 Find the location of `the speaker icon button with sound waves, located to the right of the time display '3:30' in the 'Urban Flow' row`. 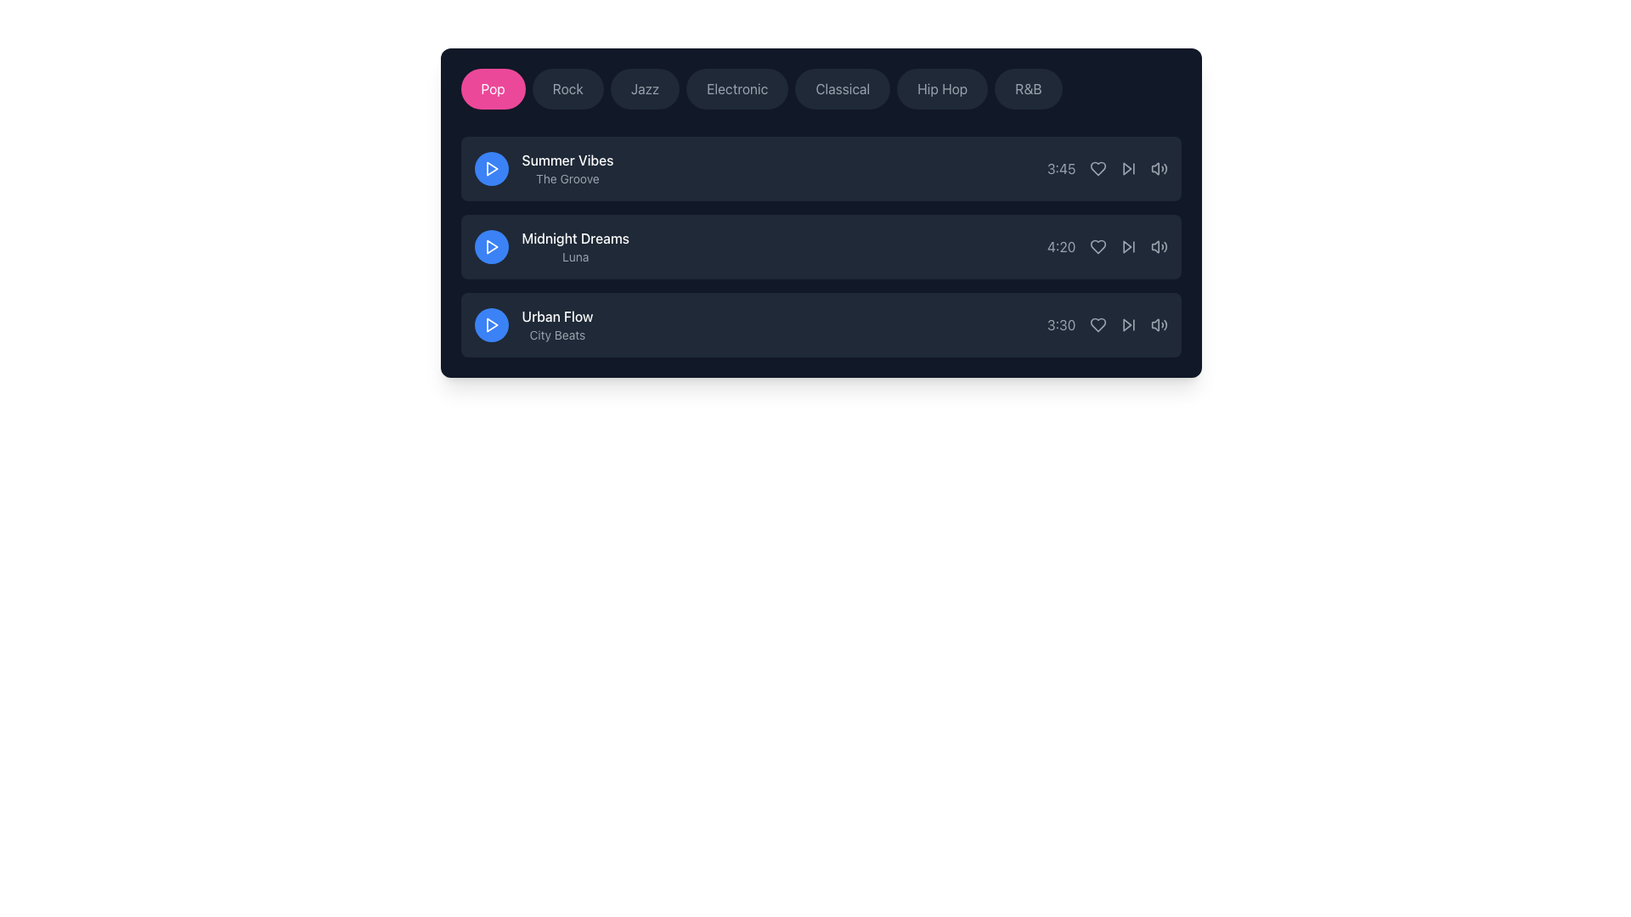

the speaker icon button with sound waves, located to the right of the time display '3:30' in the 'Urban Flow' row is located at coordinates (1158, 324).